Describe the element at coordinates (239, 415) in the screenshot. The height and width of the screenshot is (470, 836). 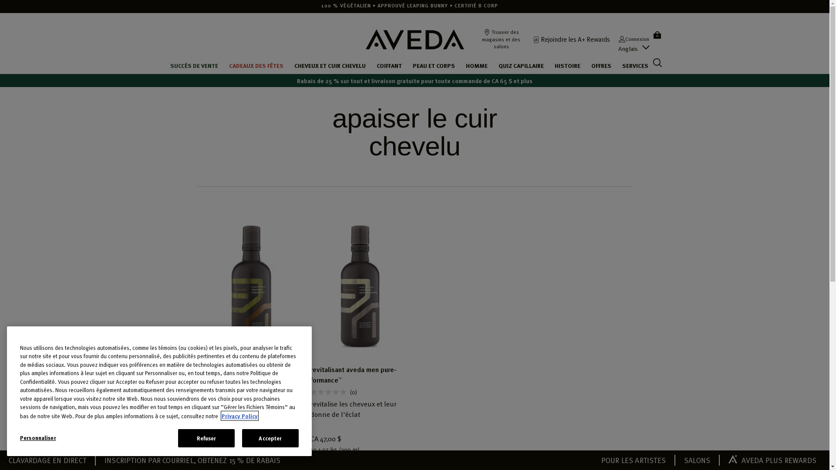
I see `'Privacy Policy'` at that location.